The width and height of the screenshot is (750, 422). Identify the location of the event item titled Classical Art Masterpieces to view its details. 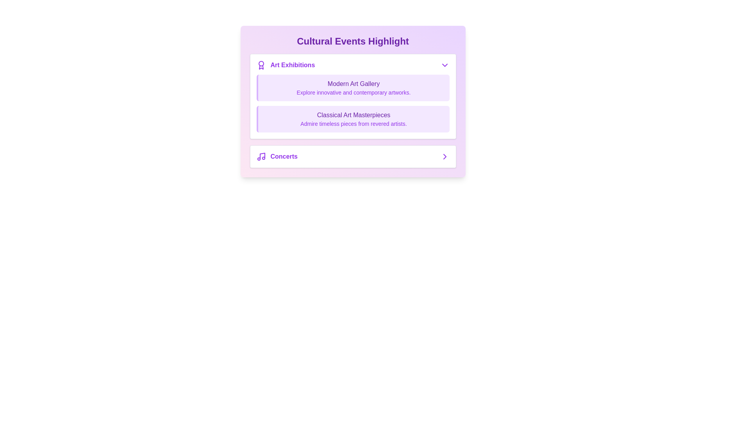
(352, 119).